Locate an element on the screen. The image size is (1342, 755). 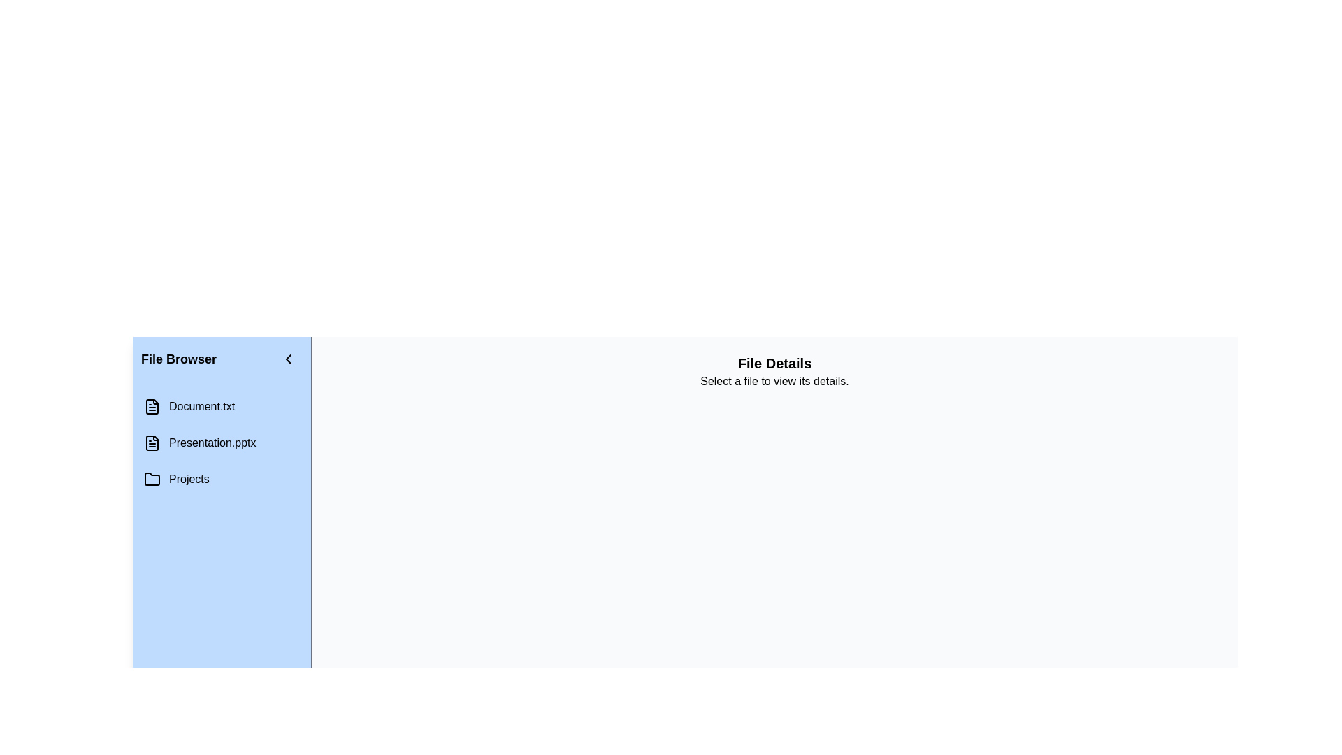
the document icon located in the left side navigation panel next to the label 'Document.txt' is located at coordinates (152, 407).